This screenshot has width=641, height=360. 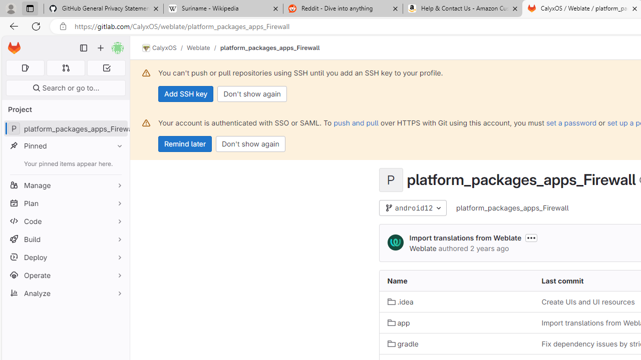 I want to click on 'Hosted Weblate', so click(x=395, y=243).